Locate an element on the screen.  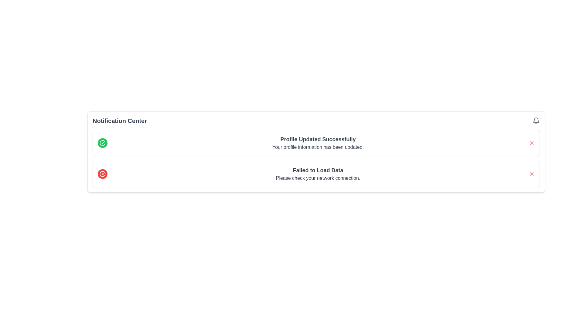
the textual notification that informs the user about a failure to load data, located beneath the 'Profile Updated Successfully' notification is located at coordinates (318, 174).